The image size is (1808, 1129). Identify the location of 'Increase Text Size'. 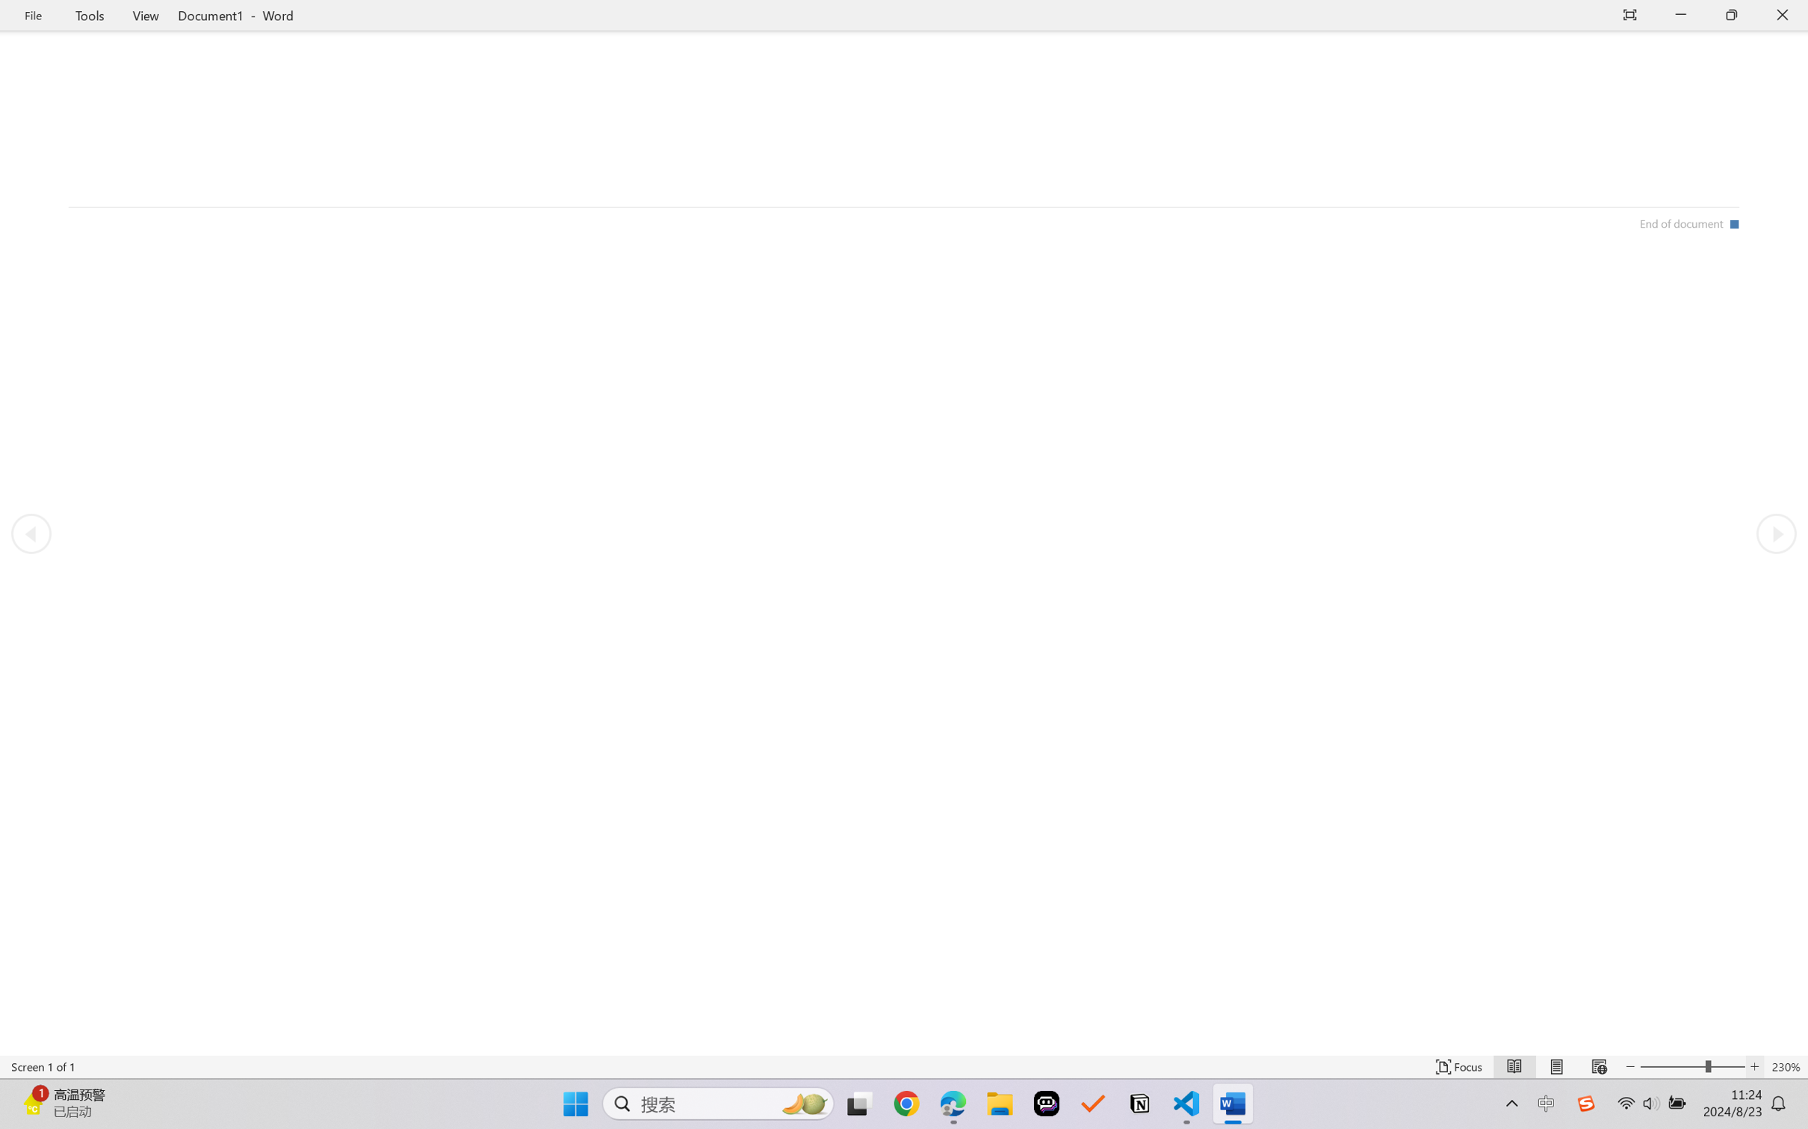
(1754, 1066).